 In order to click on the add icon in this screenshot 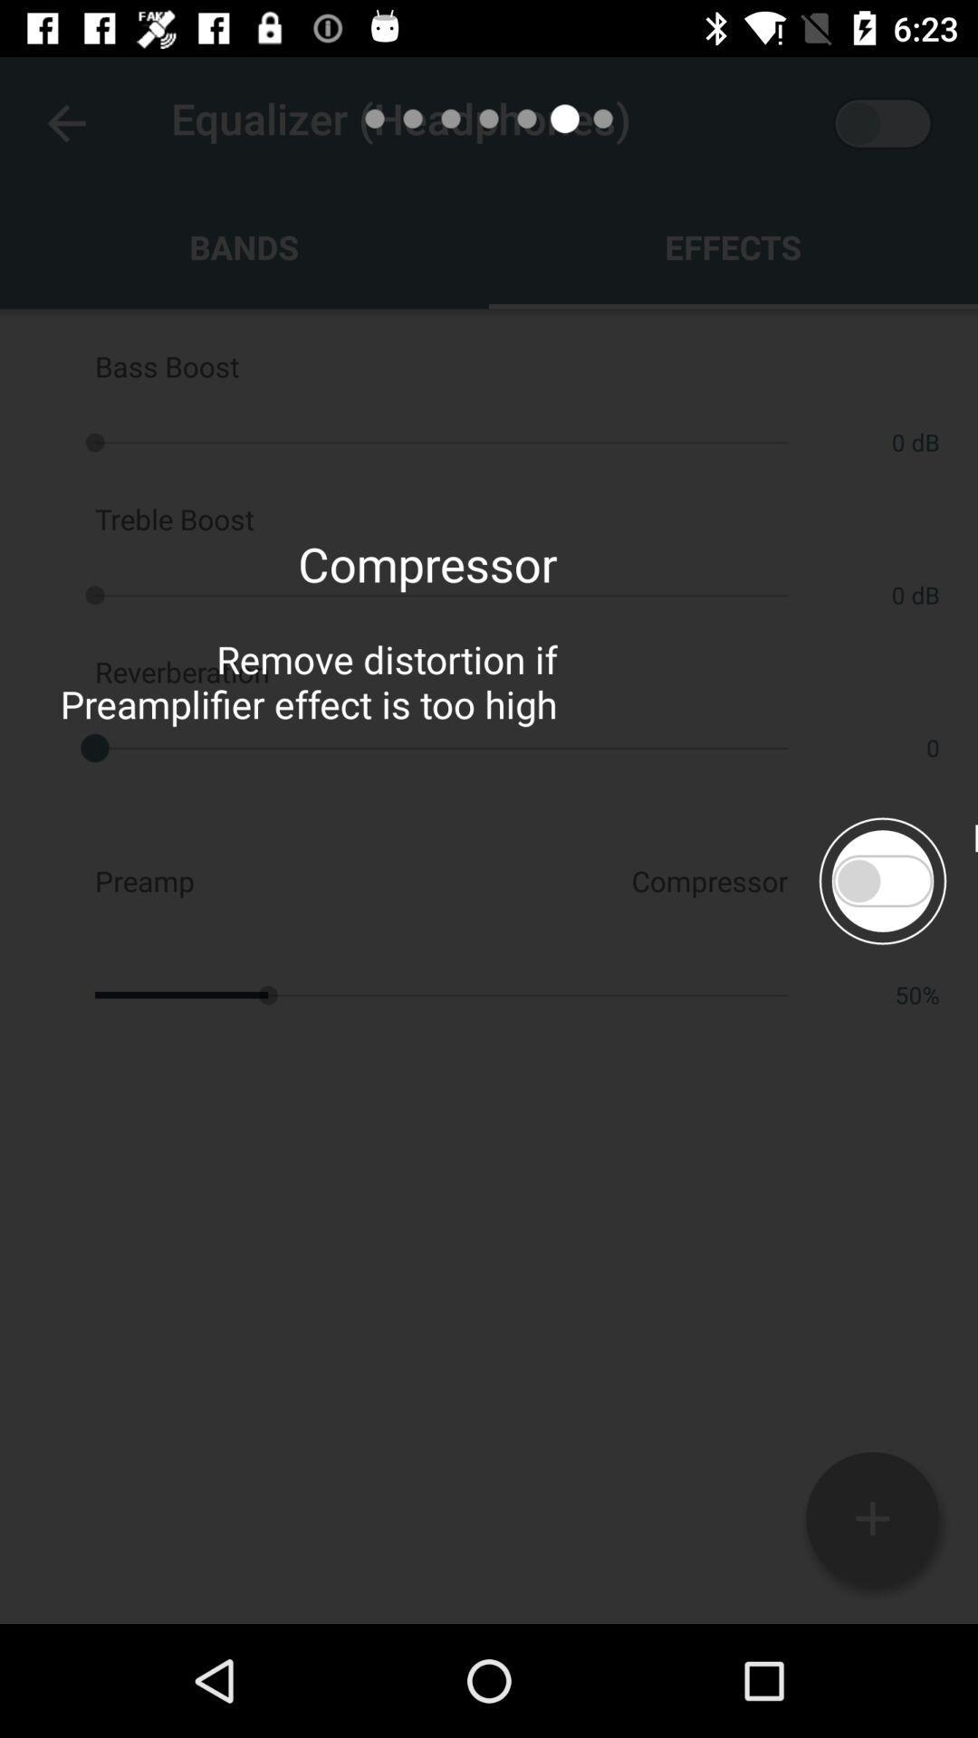, I will do `click(871, 1518)`.